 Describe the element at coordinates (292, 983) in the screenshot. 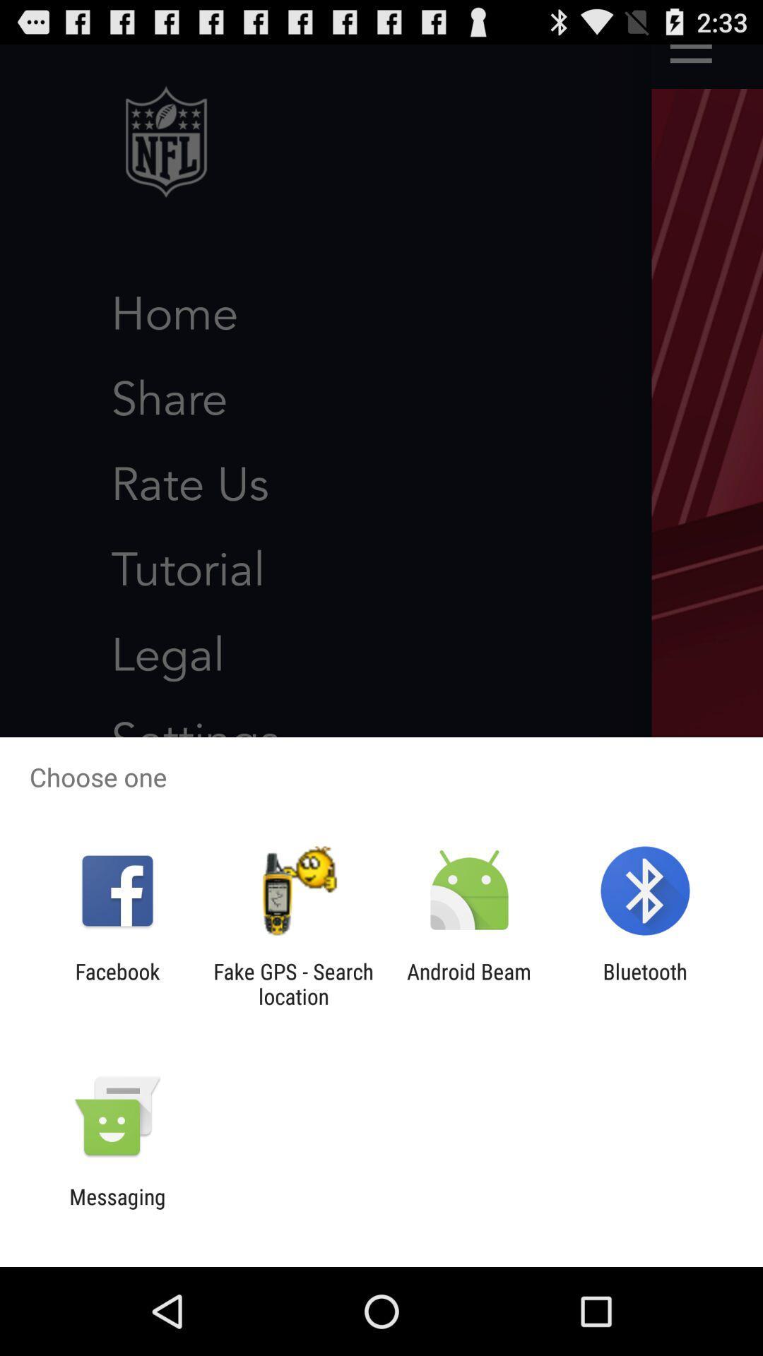

I see `the fake gps search icon` at that location.